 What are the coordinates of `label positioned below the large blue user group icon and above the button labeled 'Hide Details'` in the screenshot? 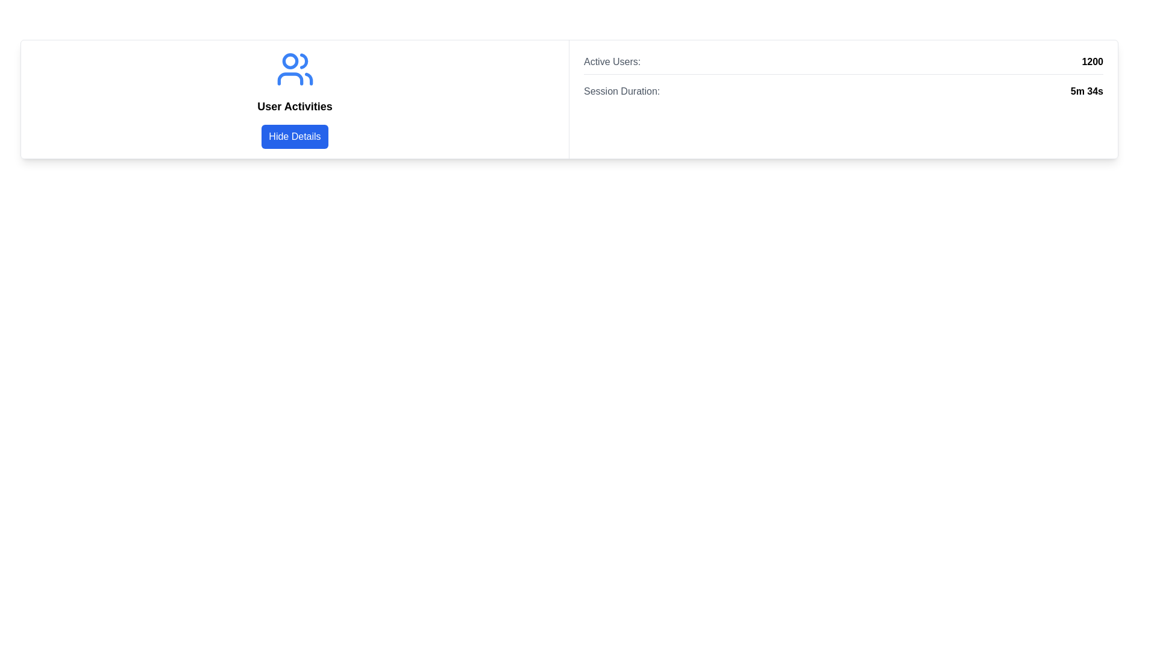 It's located at (295, 106).